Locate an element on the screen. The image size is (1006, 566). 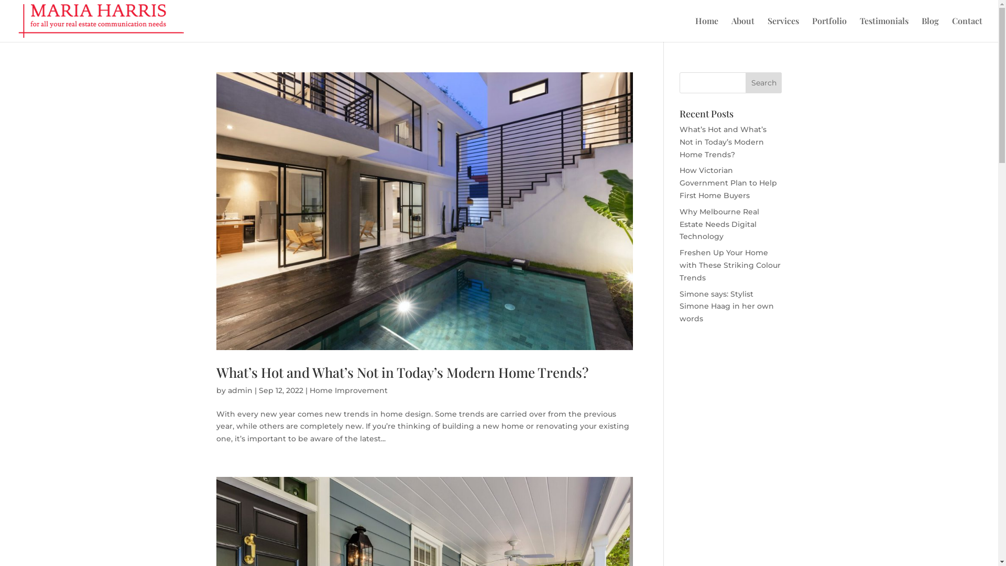
'About' is located at coordinates (731, 29).